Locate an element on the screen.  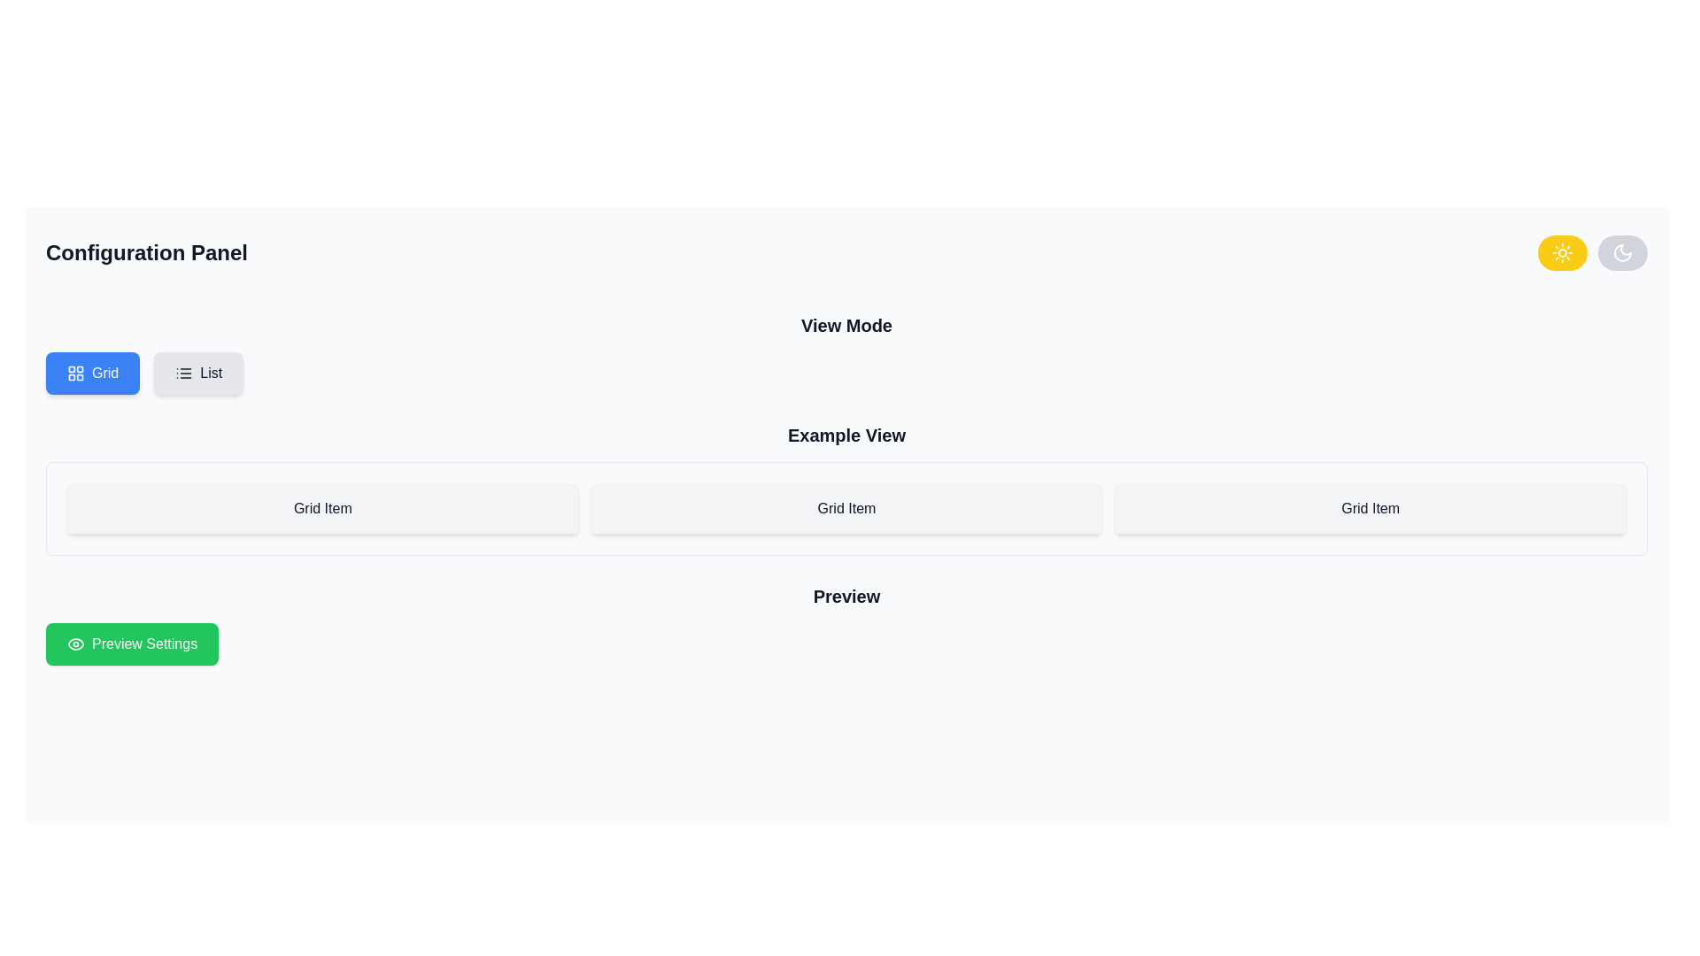
the gray rectangular button with rounded corners labeled 'List' is located at coordinates (198, 372).